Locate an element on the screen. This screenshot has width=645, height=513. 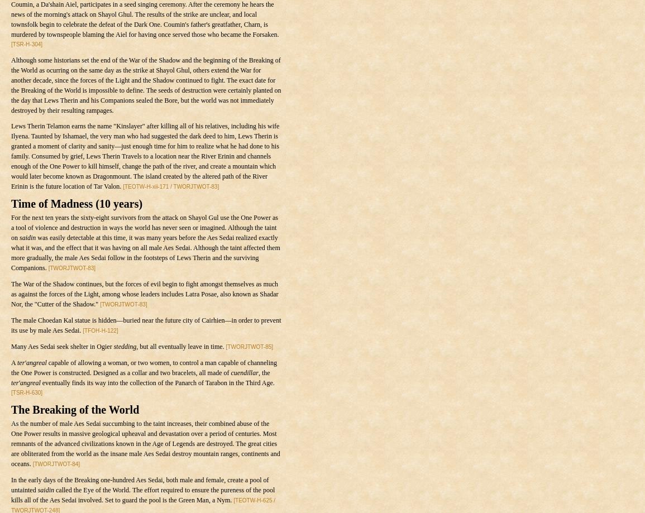
'The male Choedan Kal statue is hidden—buried near the future city of Cairhien—in order to prevent its use by male Aes Sedai.' is located at coordinates (146, 325).